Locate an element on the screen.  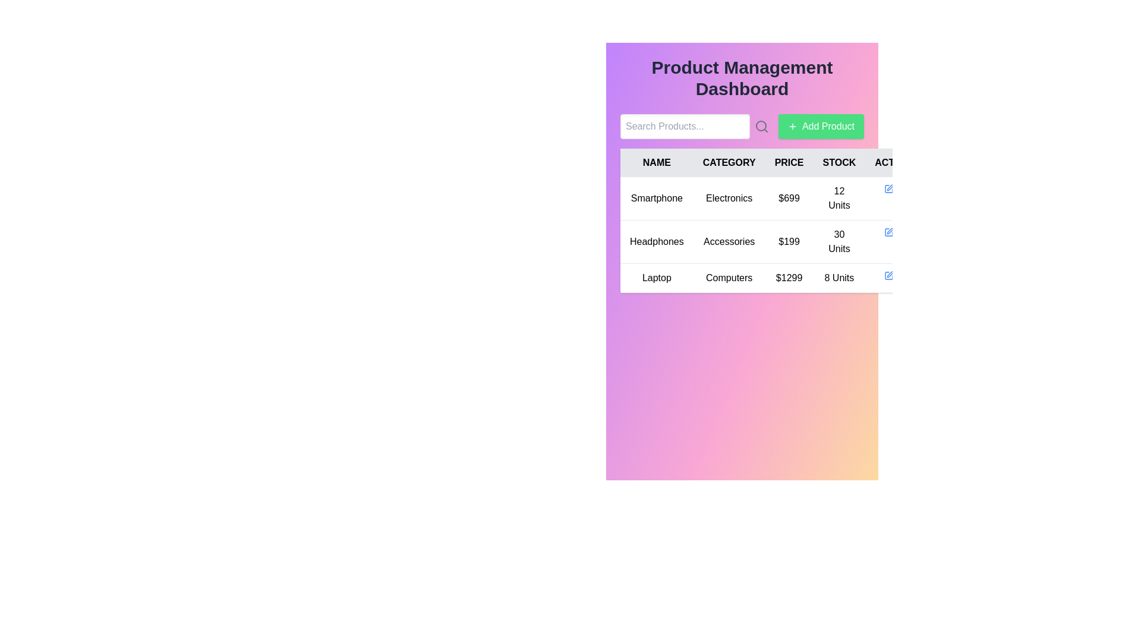
the static text label displaying the price of the 'Laptop' item, which is the third item in the row under the 'Price' column is located at coordinates (789, 278).